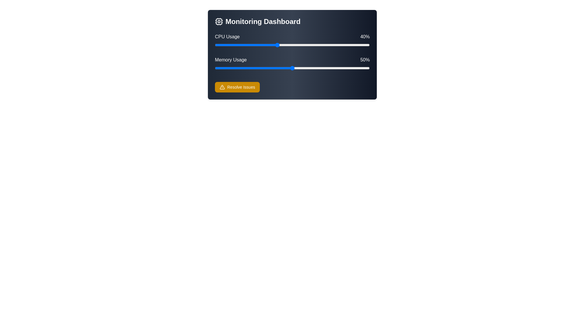 The width and height of the screenshot is (563, 316). Describe the element at coordinates (346, 45) in the screenshot. I see `CPU usage` at that location.